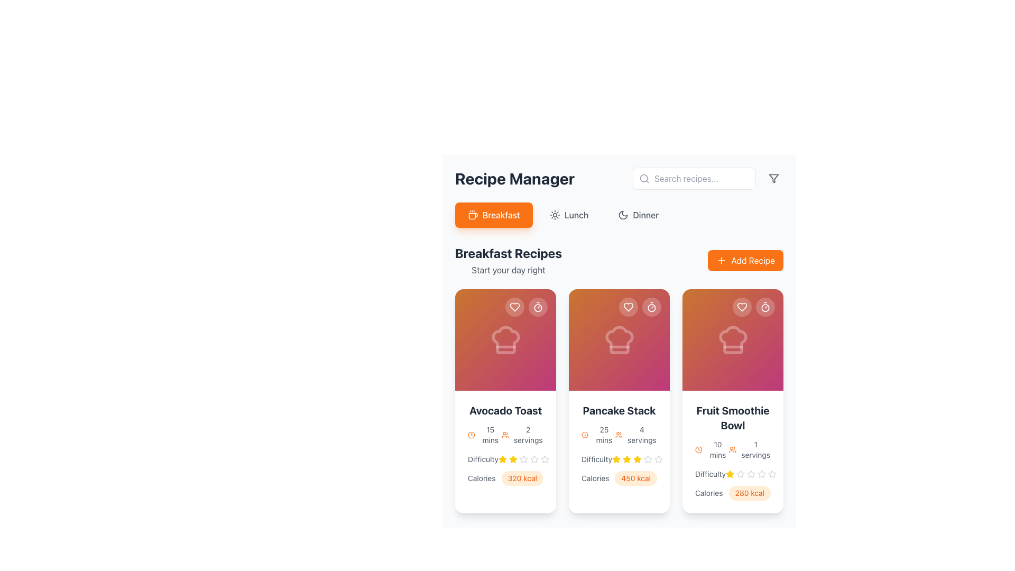 The image size is (1015, 571). What do you see at coordinates (732, 450) in the screenshot?
I see `the text element displaying '10 mins' and '1 servings' within the 'Fruit Smoothie Bowl' recipe card in the 'Breakfast Recipes' section` at bounding box center [732, 450].